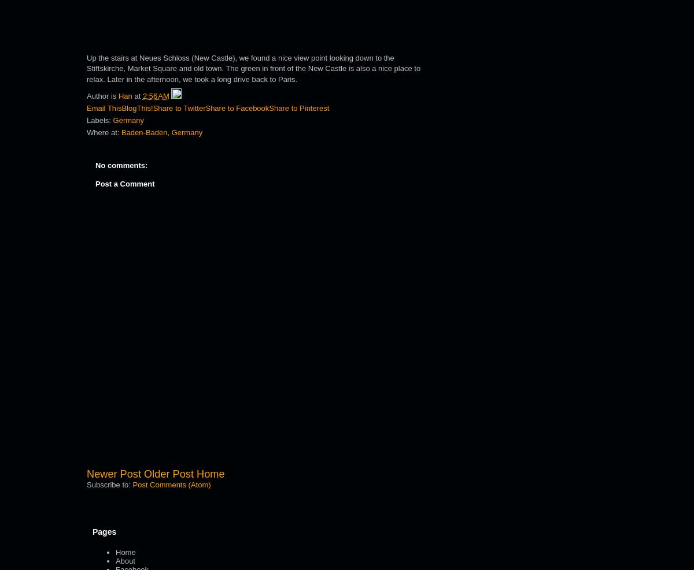 The width and height of the screenshot is (694, 570). Describe the element at coordinates (168, 473) in the screenshot. I see `'Older Post'` at that location.